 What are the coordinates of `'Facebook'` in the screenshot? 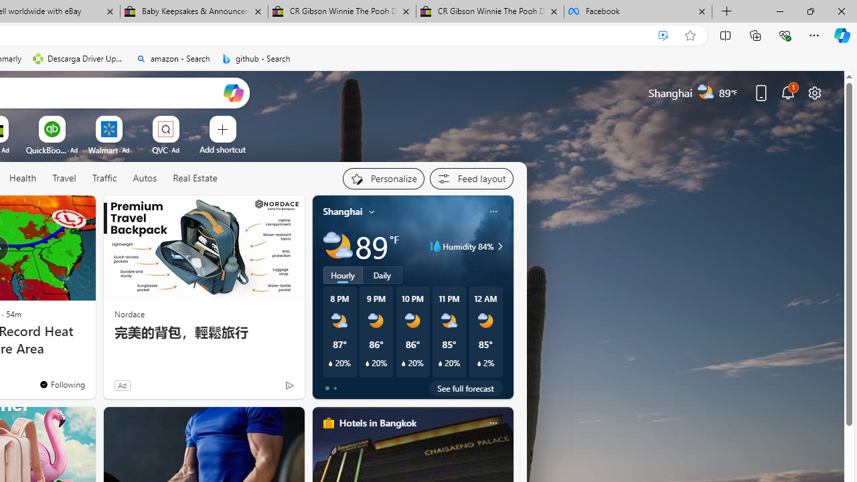 It's located at (637, 11).